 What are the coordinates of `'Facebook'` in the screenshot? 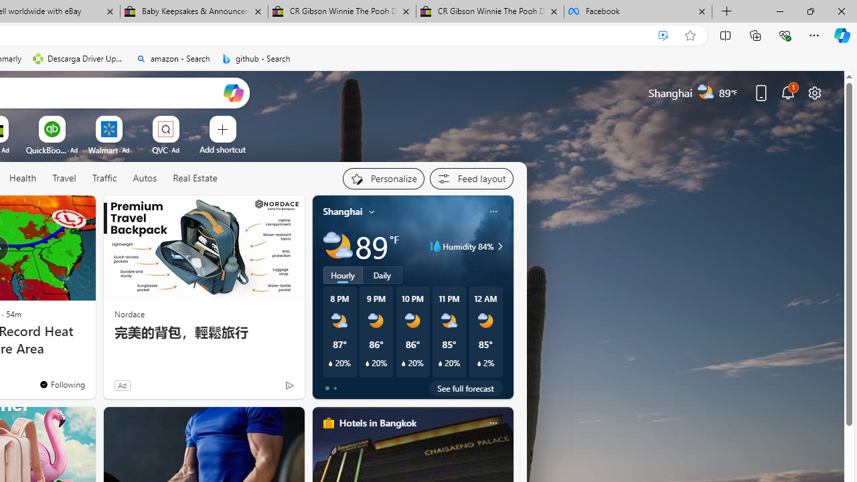 It's located at (637, 11).